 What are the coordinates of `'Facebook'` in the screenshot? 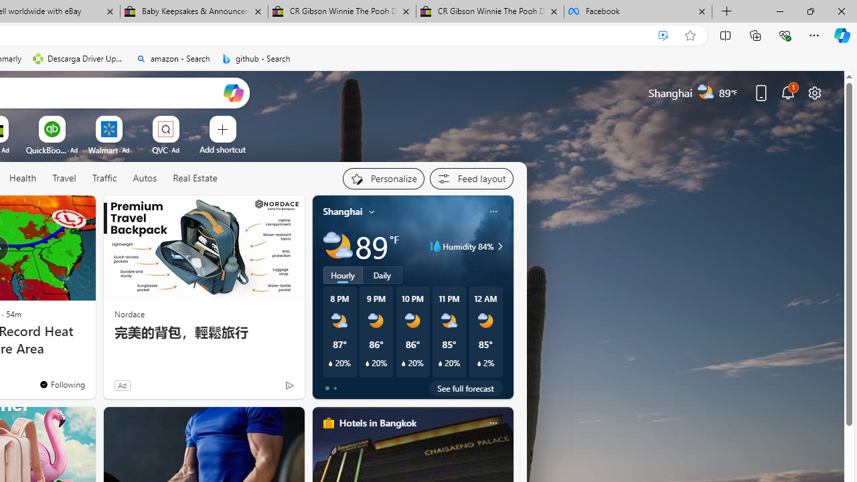 It's located at (637, 11).